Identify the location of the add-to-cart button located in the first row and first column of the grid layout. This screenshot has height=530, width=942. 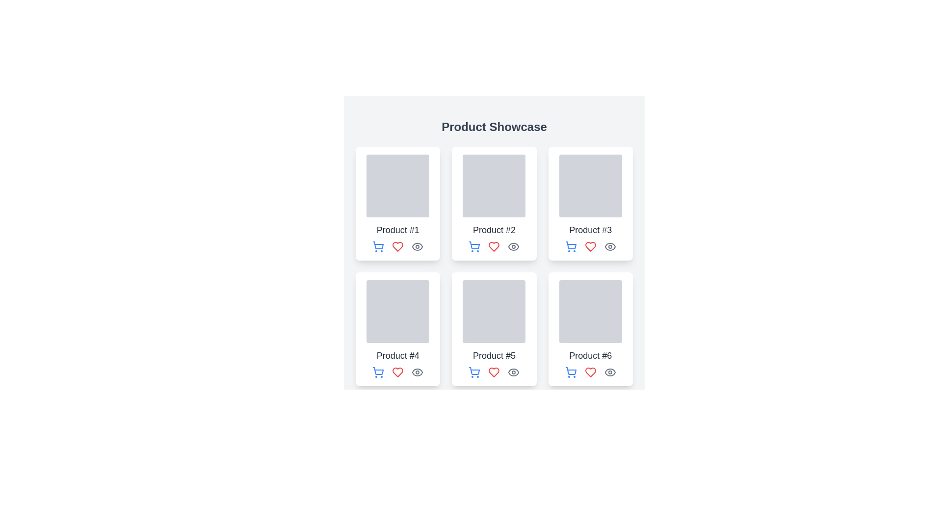
(378, 246).